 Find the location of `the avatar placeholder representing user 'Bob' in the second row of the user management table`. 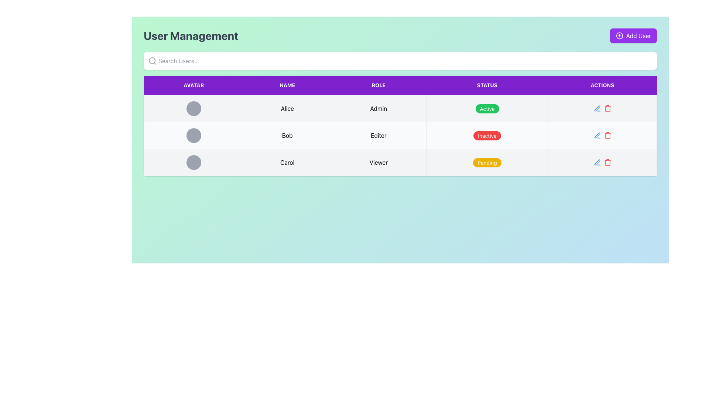

the avatar placeholder representing user 'Bob' in the second row of the user management table is located at coordinates (193, 135).